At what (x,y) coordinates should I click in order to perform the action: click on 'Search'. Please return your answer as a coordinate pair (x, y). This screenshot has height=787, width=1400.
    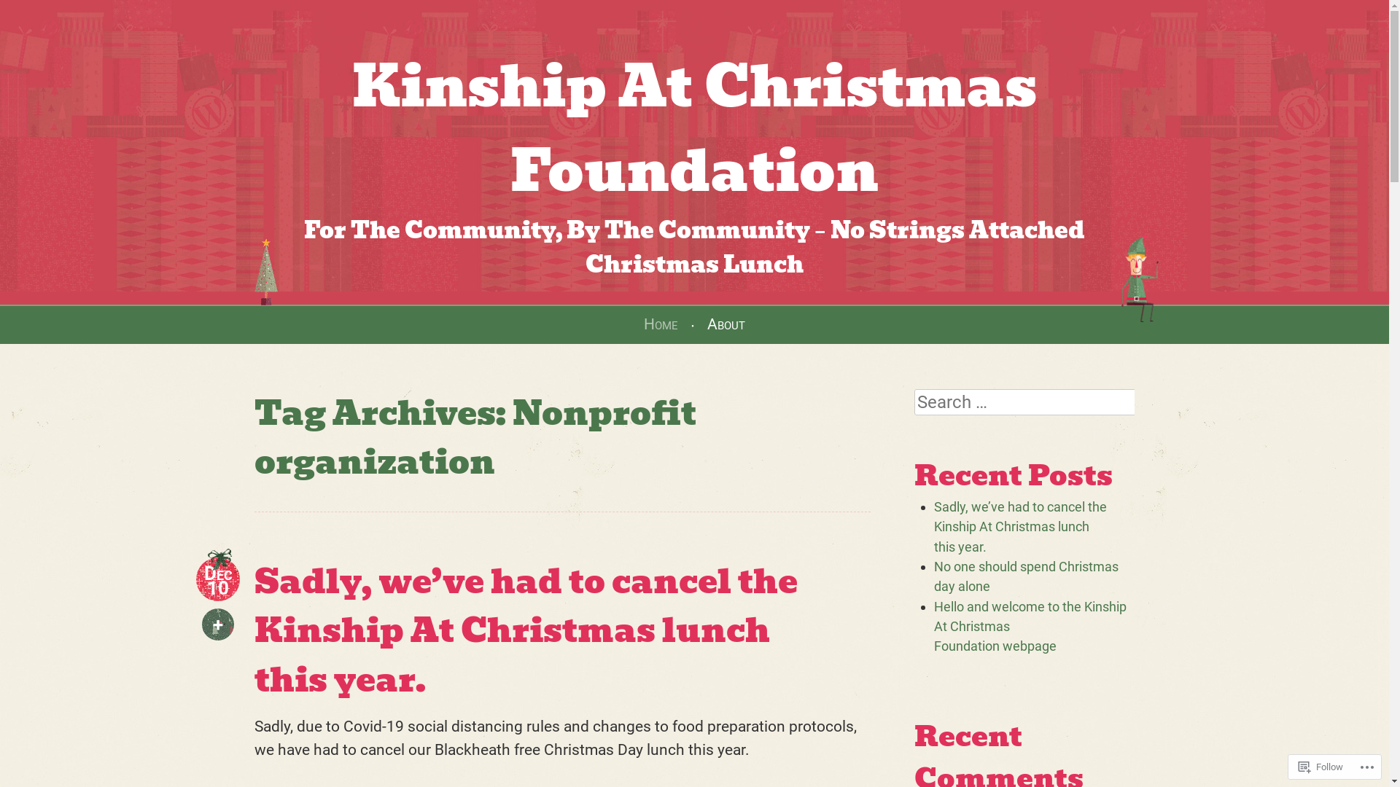
    Looking at the image, I should click on (30, 12).